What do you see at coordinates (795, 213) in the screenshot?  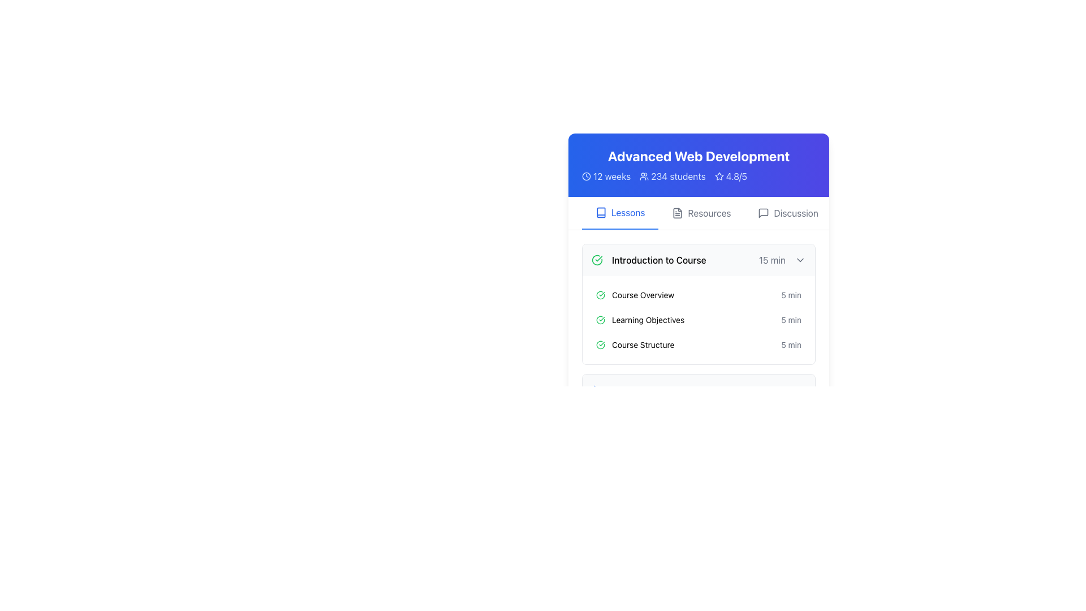 I see `the text element that represents a label or navigation item for discussions, located to the right of an icon` at bounding box center [795, 213].